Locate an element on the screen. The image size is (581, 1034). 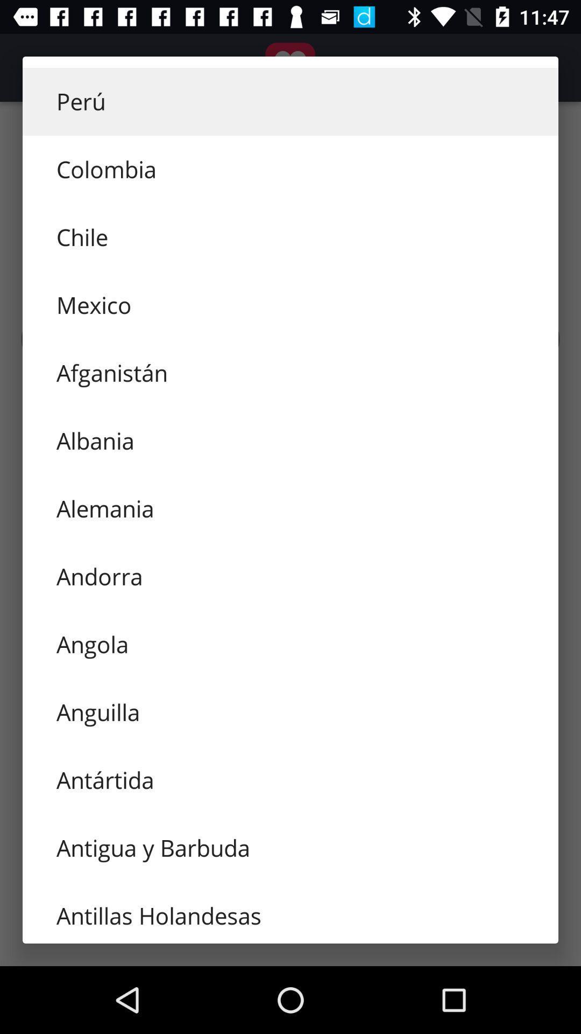
icon above mexico icon is located at coordinates (290, 237).